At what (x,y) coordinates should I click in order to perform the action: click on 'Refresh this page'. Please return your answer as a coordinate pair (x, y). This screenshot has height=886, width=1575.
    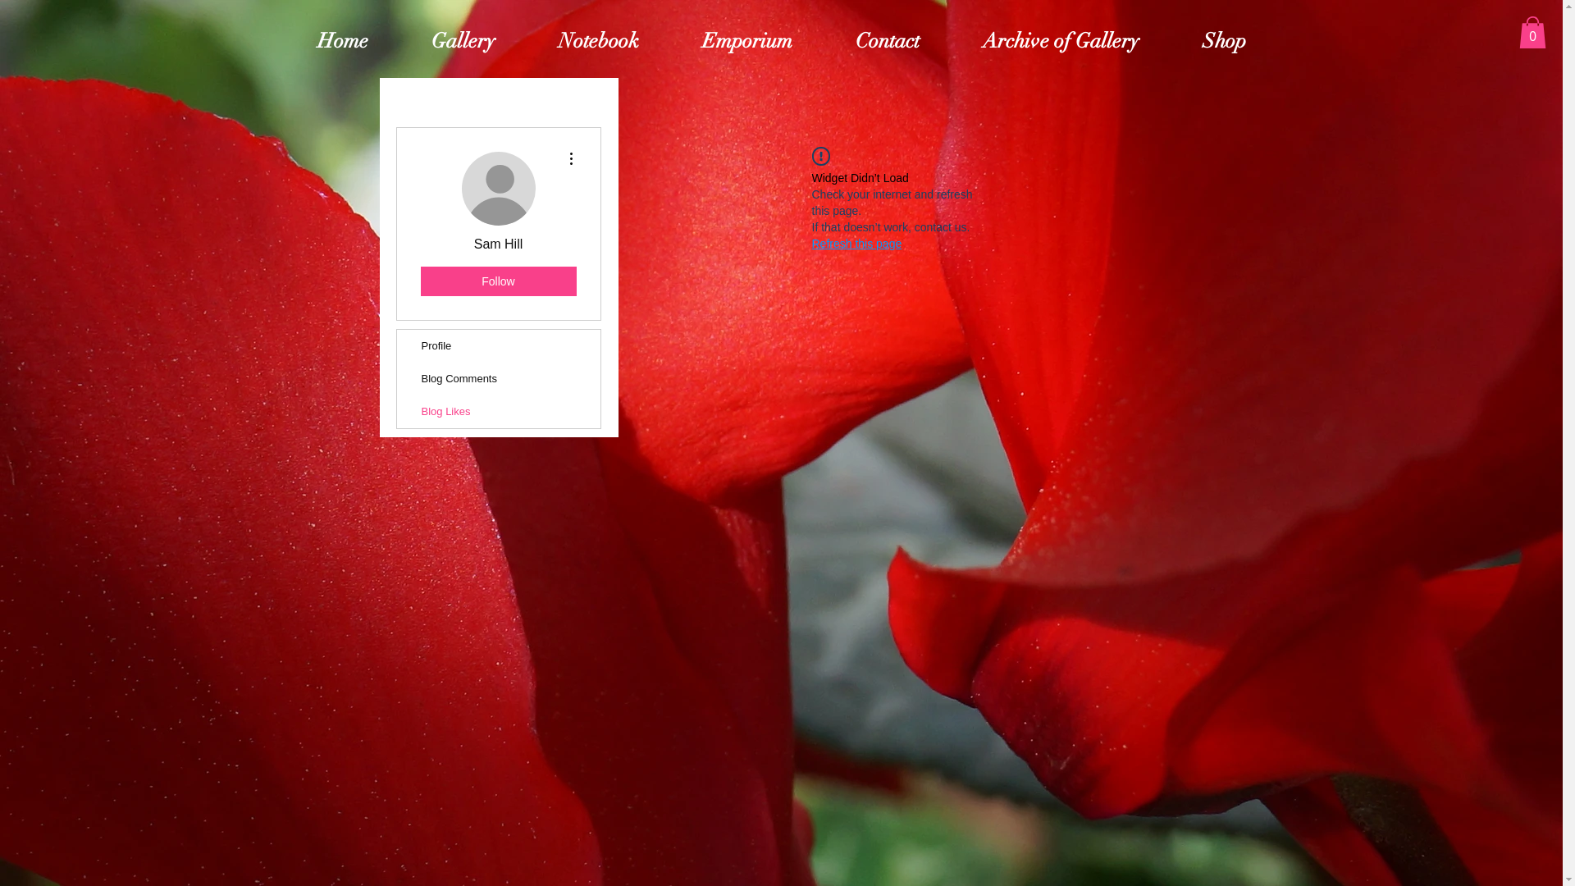
    Looking at the image, I should click on (811, 244).